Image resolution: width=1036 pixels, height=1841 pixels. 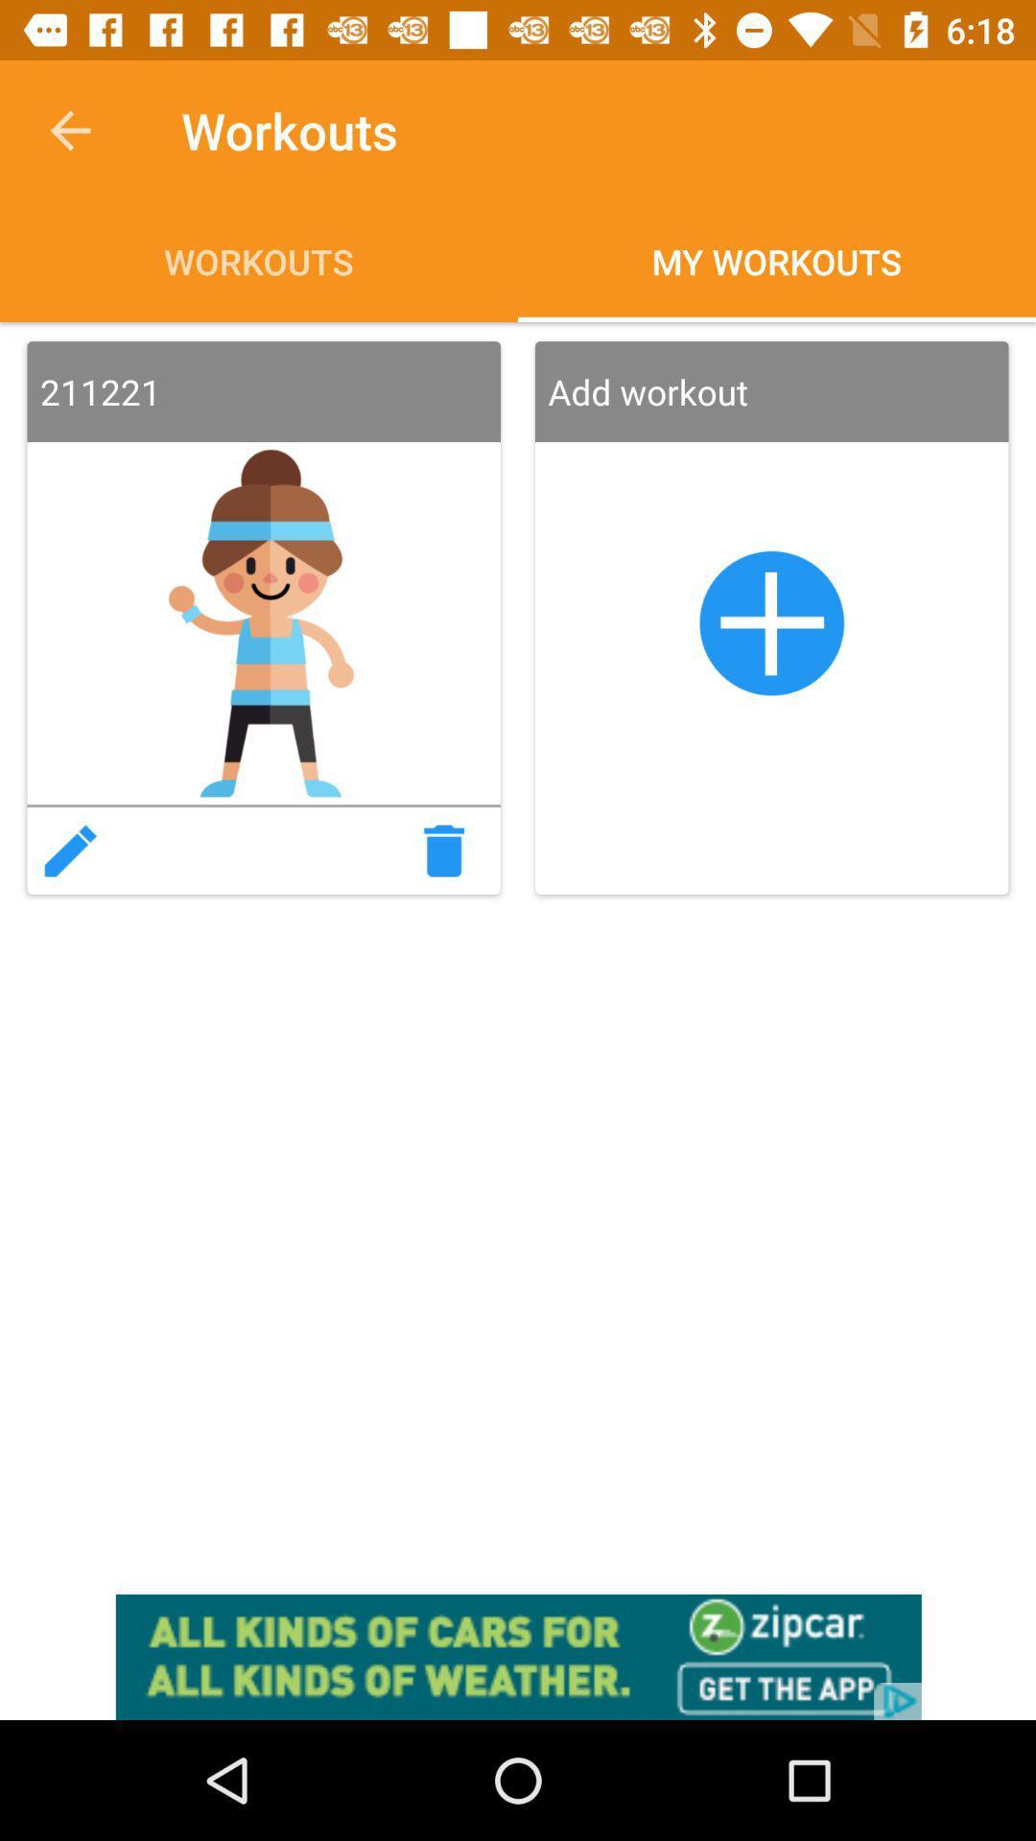 What do you see at coordinates (69, 850) in the screenshot?
I see `edit text` at bounding box center [69, 850].